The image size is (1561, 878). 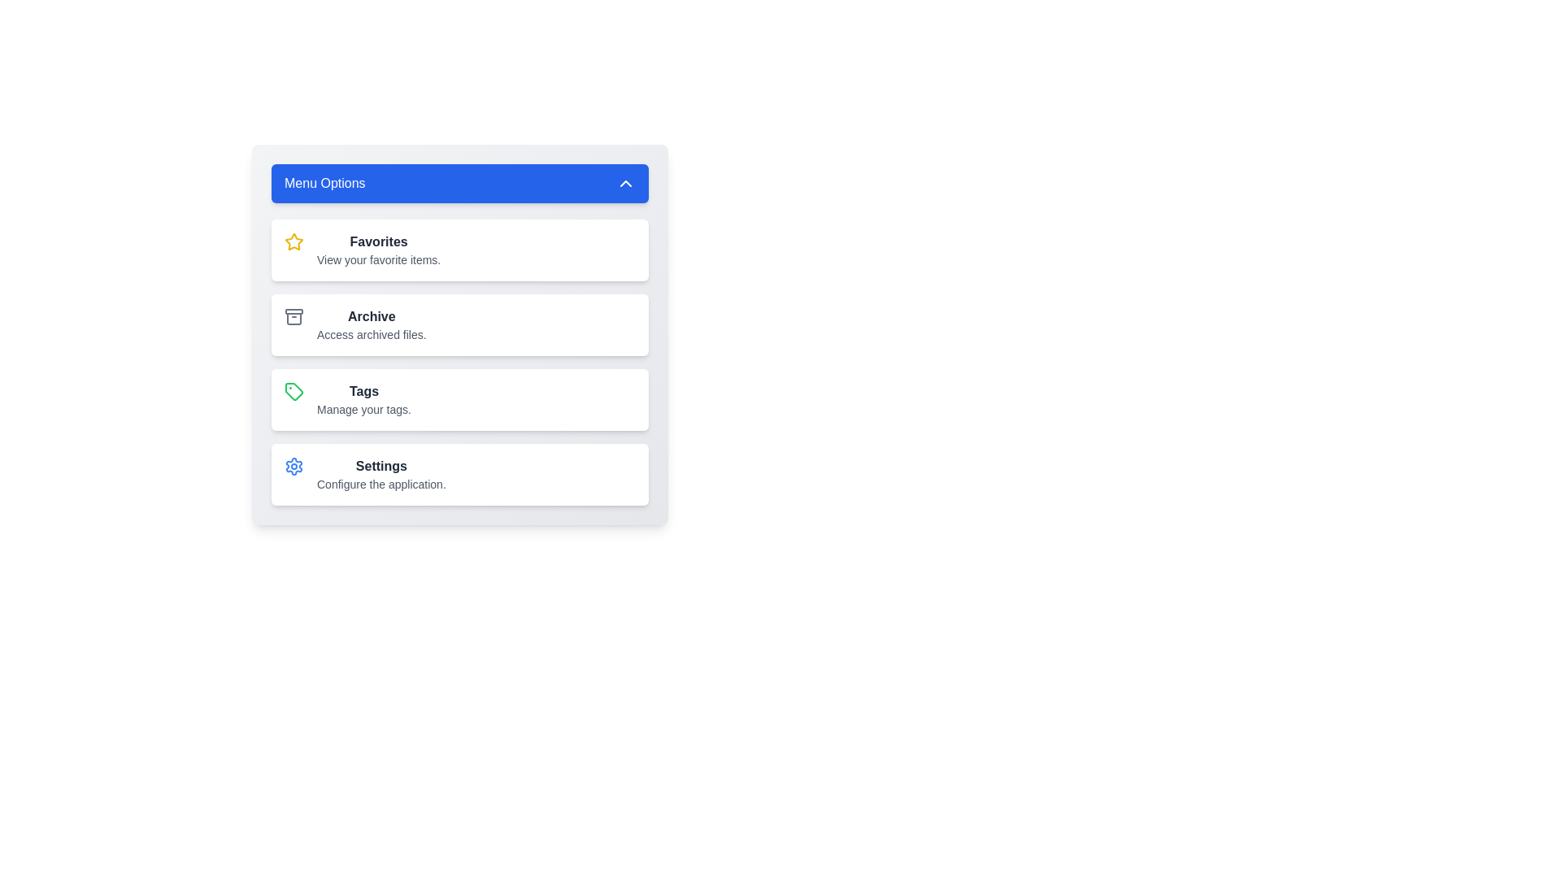 What do you see at coordinates (294, 392) in the screenshot?
I see `the 'Tags' icon located on the third row of the menu options, next to 'Manage your tags'` at bounding box center [294, 392].